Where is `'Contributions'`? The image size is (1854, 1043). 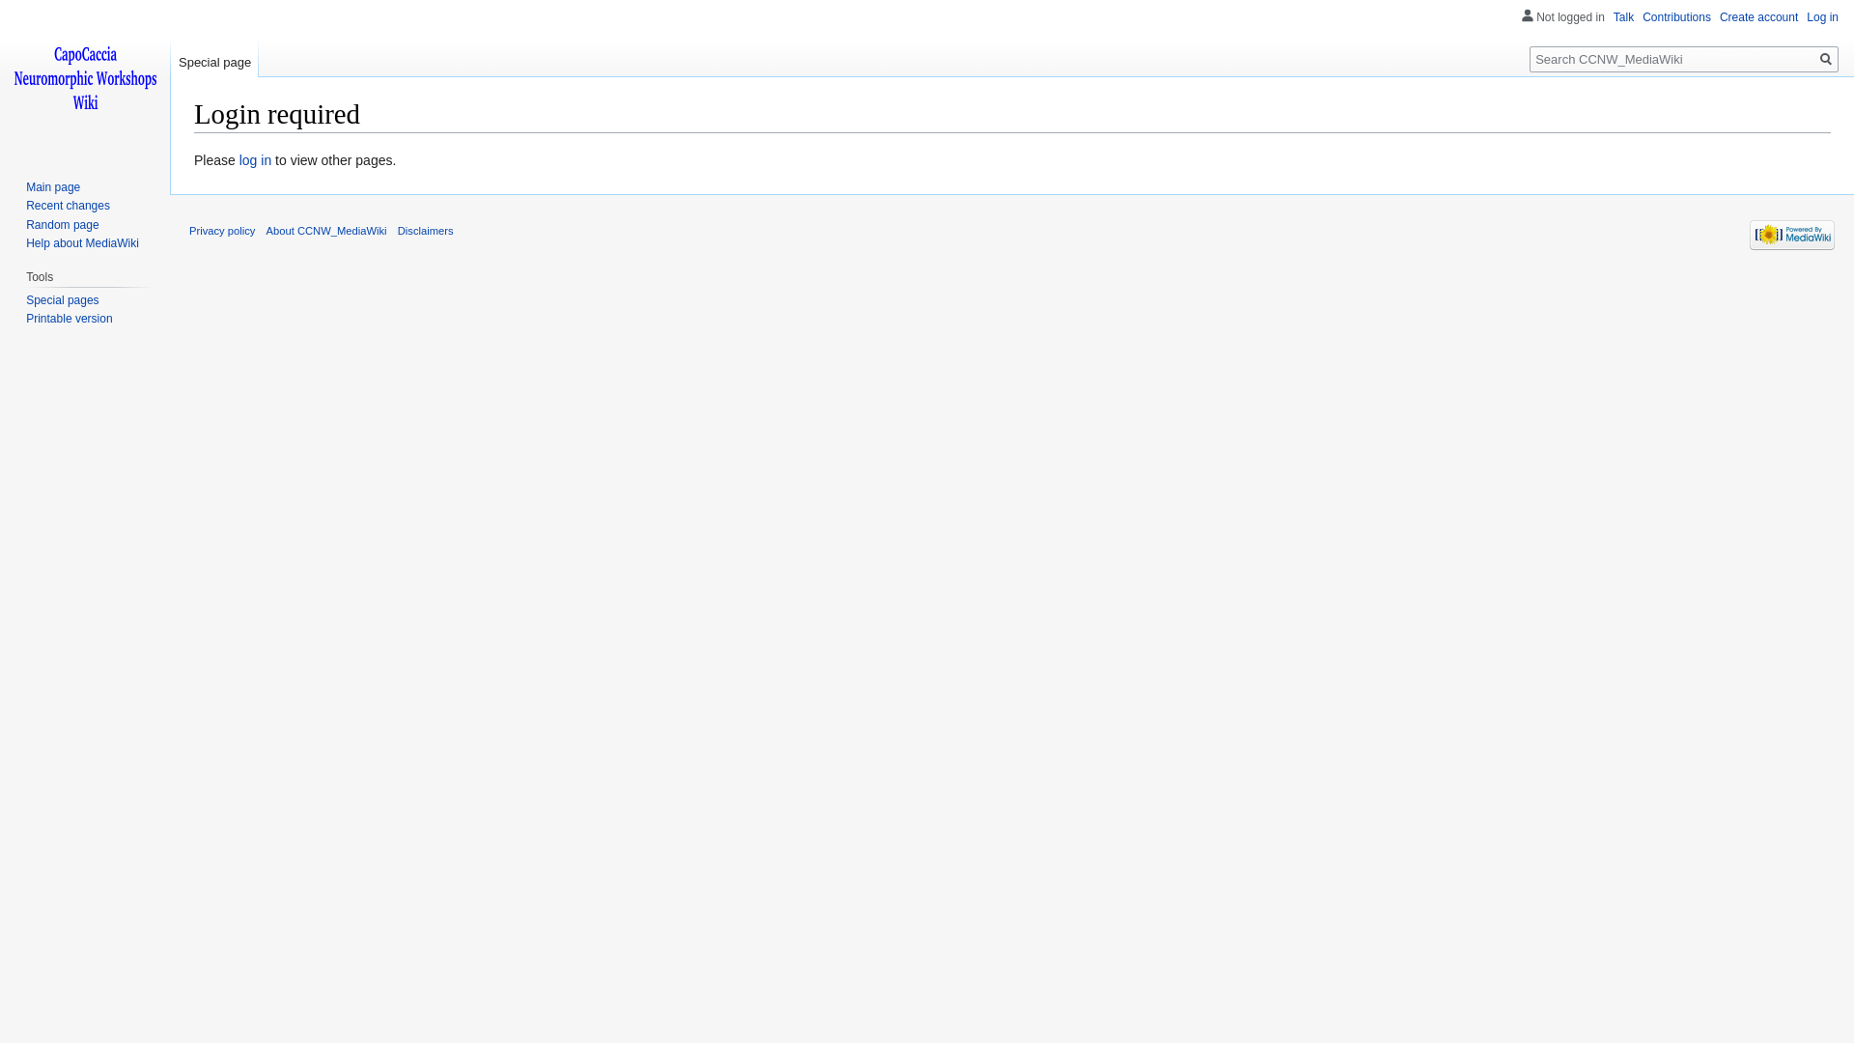
'Contributions' is located at coordinates (1675, 17).